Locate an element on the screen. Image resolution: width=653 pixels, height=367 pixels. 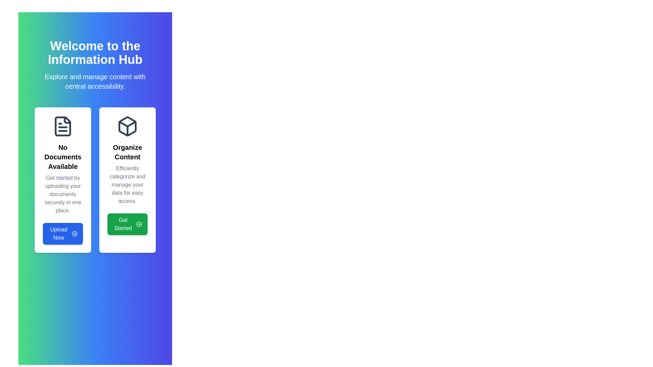
the static text block that serves as a descriptive subheading located below the main heading 'Welcome to the Information Hub' is located at coordinates (95, 81).